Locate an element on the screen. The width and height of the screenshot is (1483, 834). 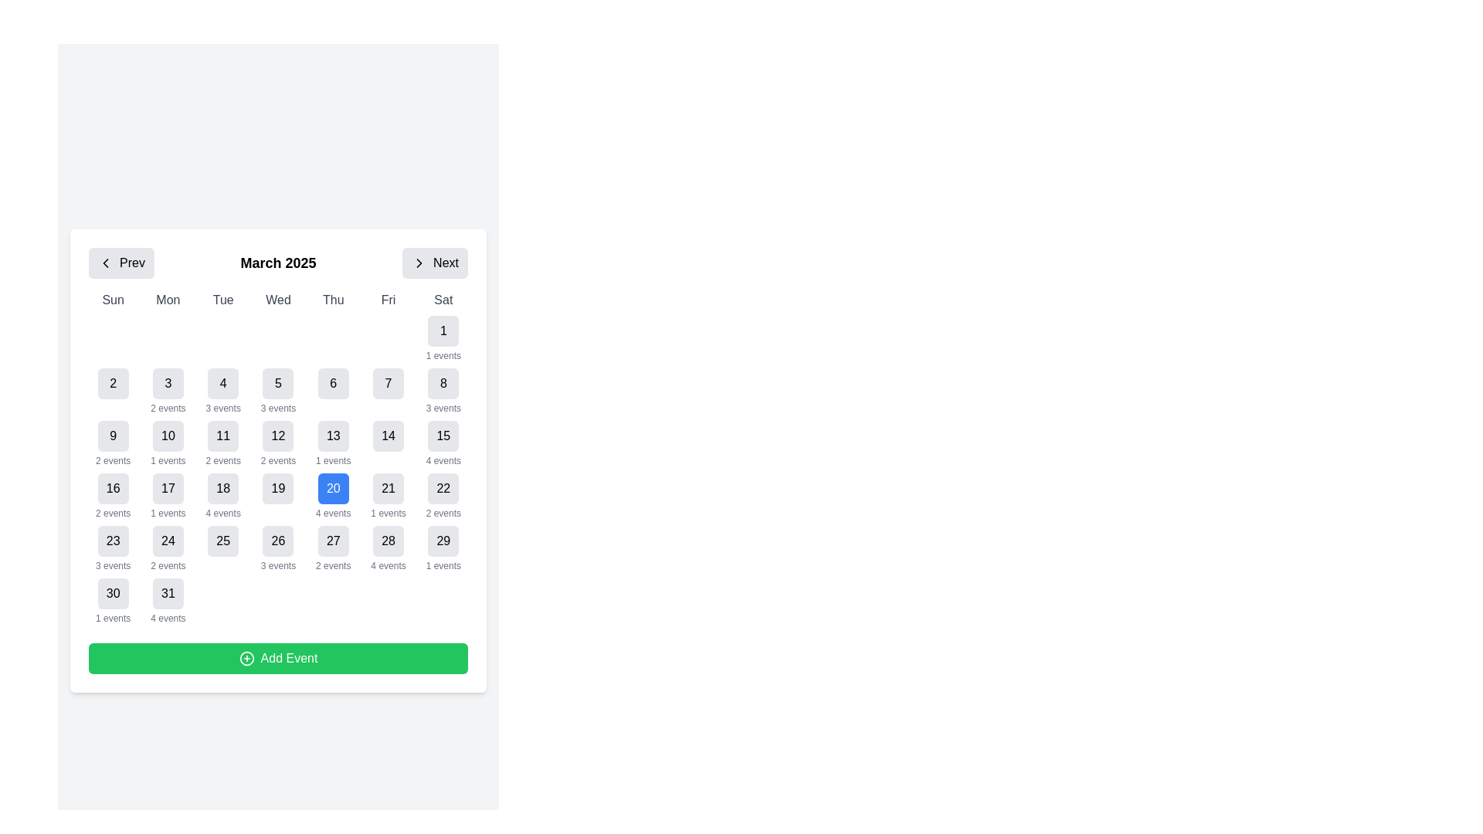
the text label that informs the user about the number of events scheduled for the respective day, located directly beneath the rounded square for the ninth day of the March 2025 calendar is located at coordinates (112, 460).